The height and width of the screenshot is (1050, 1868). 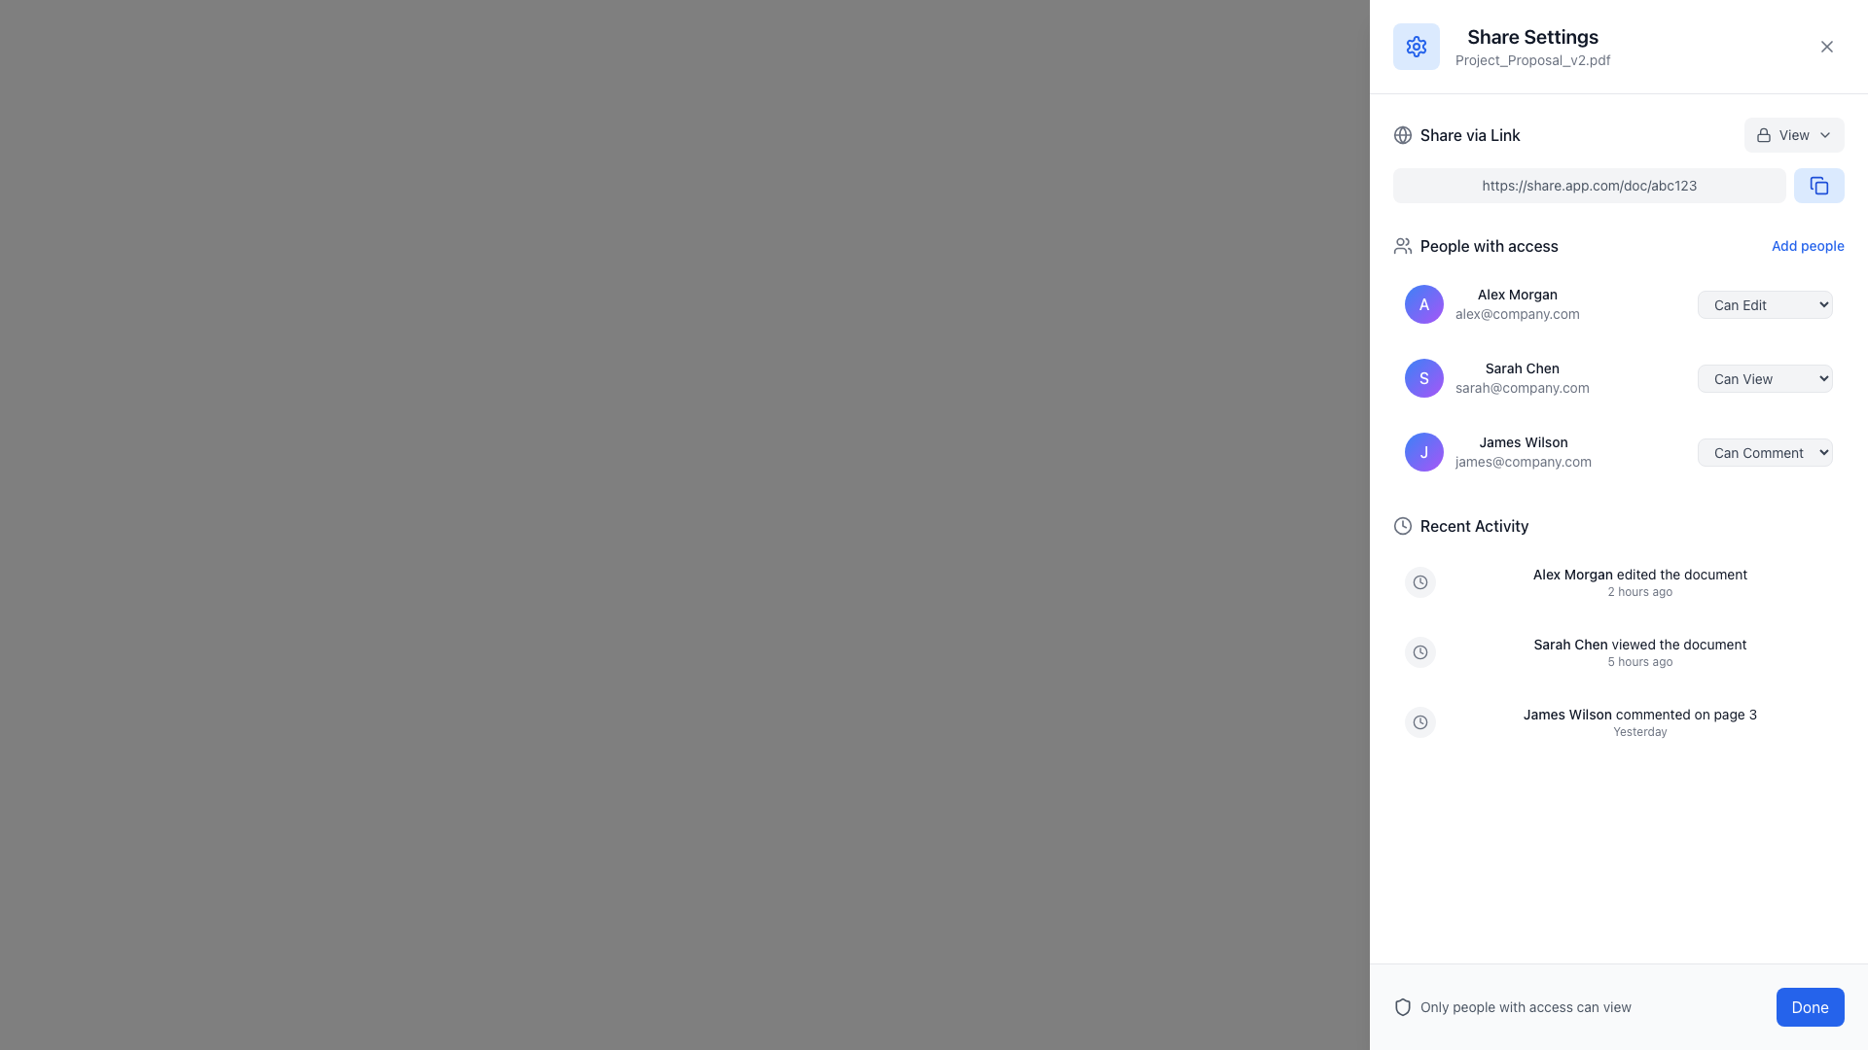 I want to click on text label displaying 'sarah@company.com', which is in a smaller, gray font and positioned below the heading 'Sarah Chen' in the 'People with access' section, so click(x=1521, y=387).